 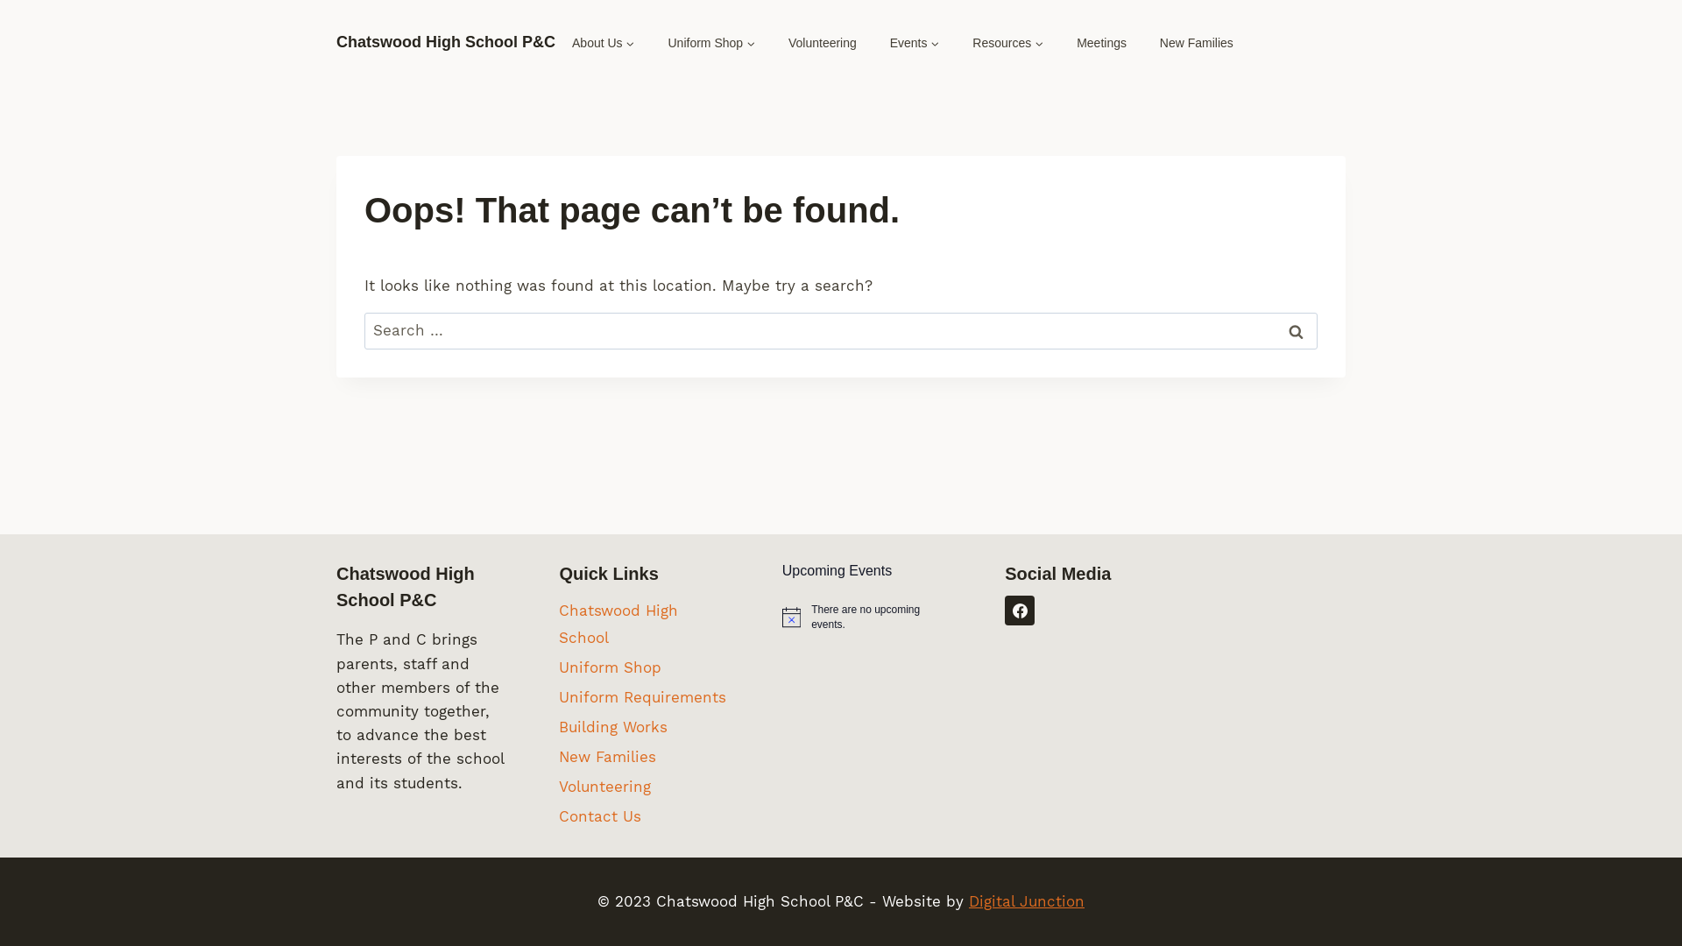 What do you see at coordinates (558, 786) in the screenshot?
I see `'Volunteering'` at bounding box center [558, 786].